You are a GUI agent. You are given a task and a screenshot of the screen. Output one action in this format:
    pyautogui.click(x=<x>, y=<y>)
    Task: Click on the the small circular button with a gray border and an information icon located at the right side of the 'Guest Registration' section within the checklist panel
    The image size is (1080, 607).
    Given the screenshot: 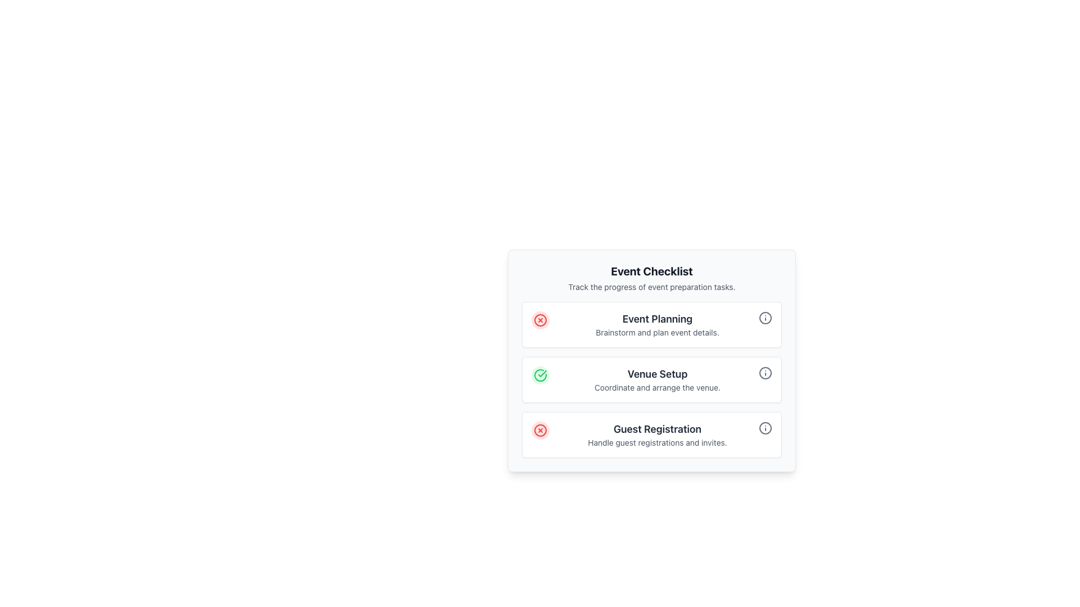 What is the action you would take?
    pyautogui.click(x=765, y=428)
    